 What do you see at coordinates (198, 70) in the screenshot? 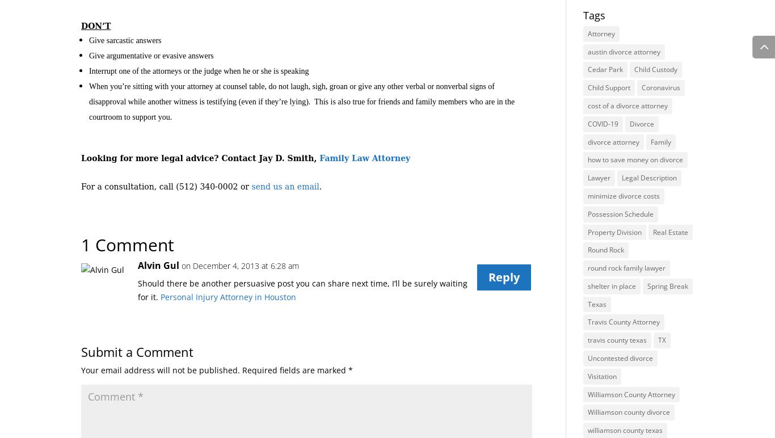
I see `'Interrupt one of the attorneys or the judge when he or she is speaking'` at bounding box center [198, 70].